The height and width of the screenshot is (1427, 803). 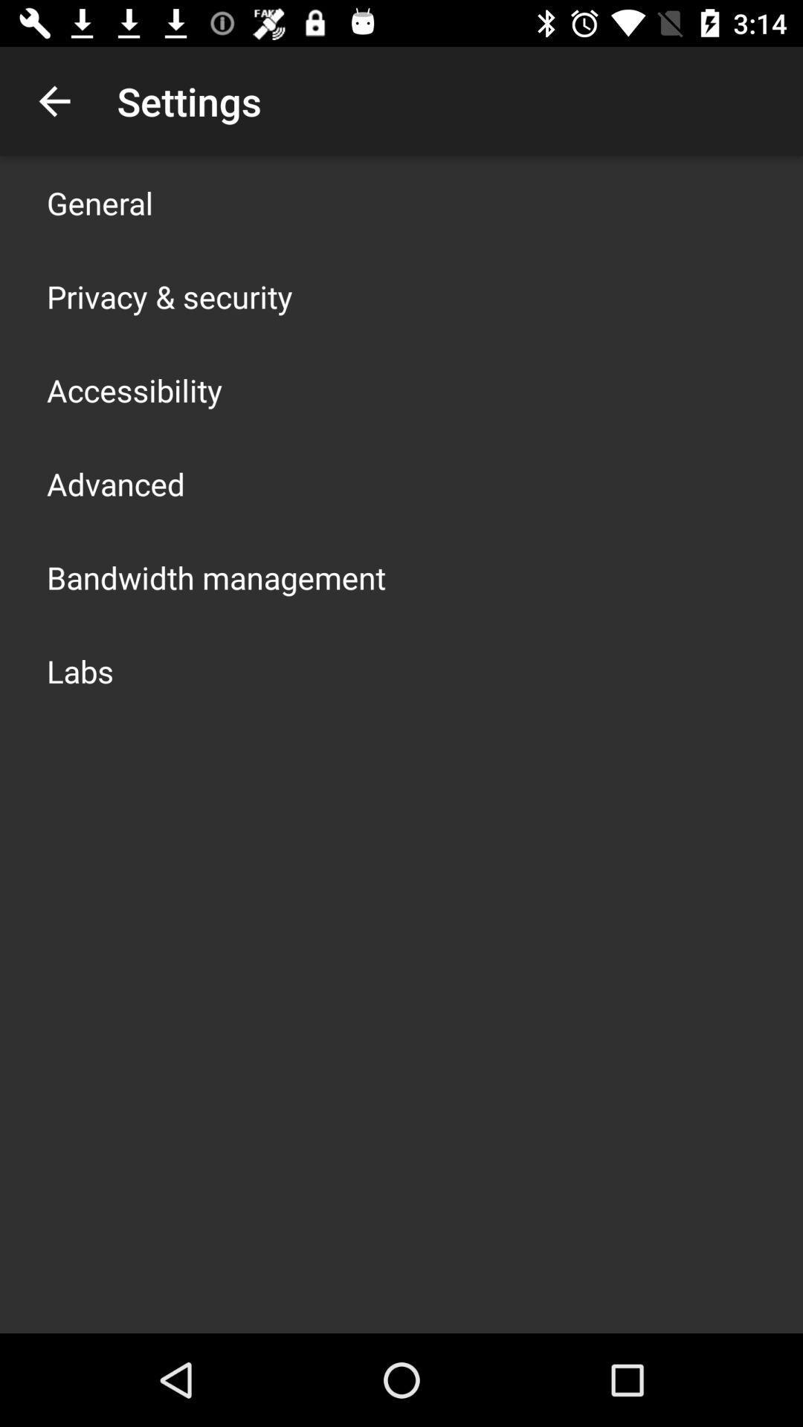 What do you see at coordinates (135, 389) in the screenshot?
I see `icon above advanced icon` at bounding box center [135, 389].